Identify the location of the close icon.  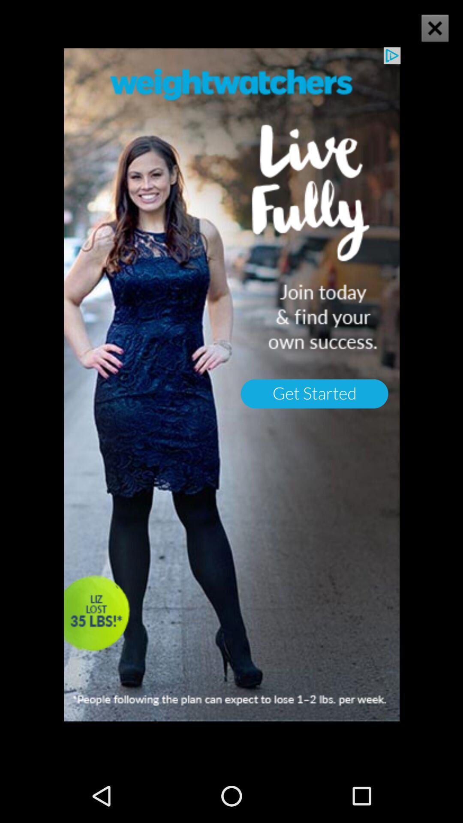
(435, 30).